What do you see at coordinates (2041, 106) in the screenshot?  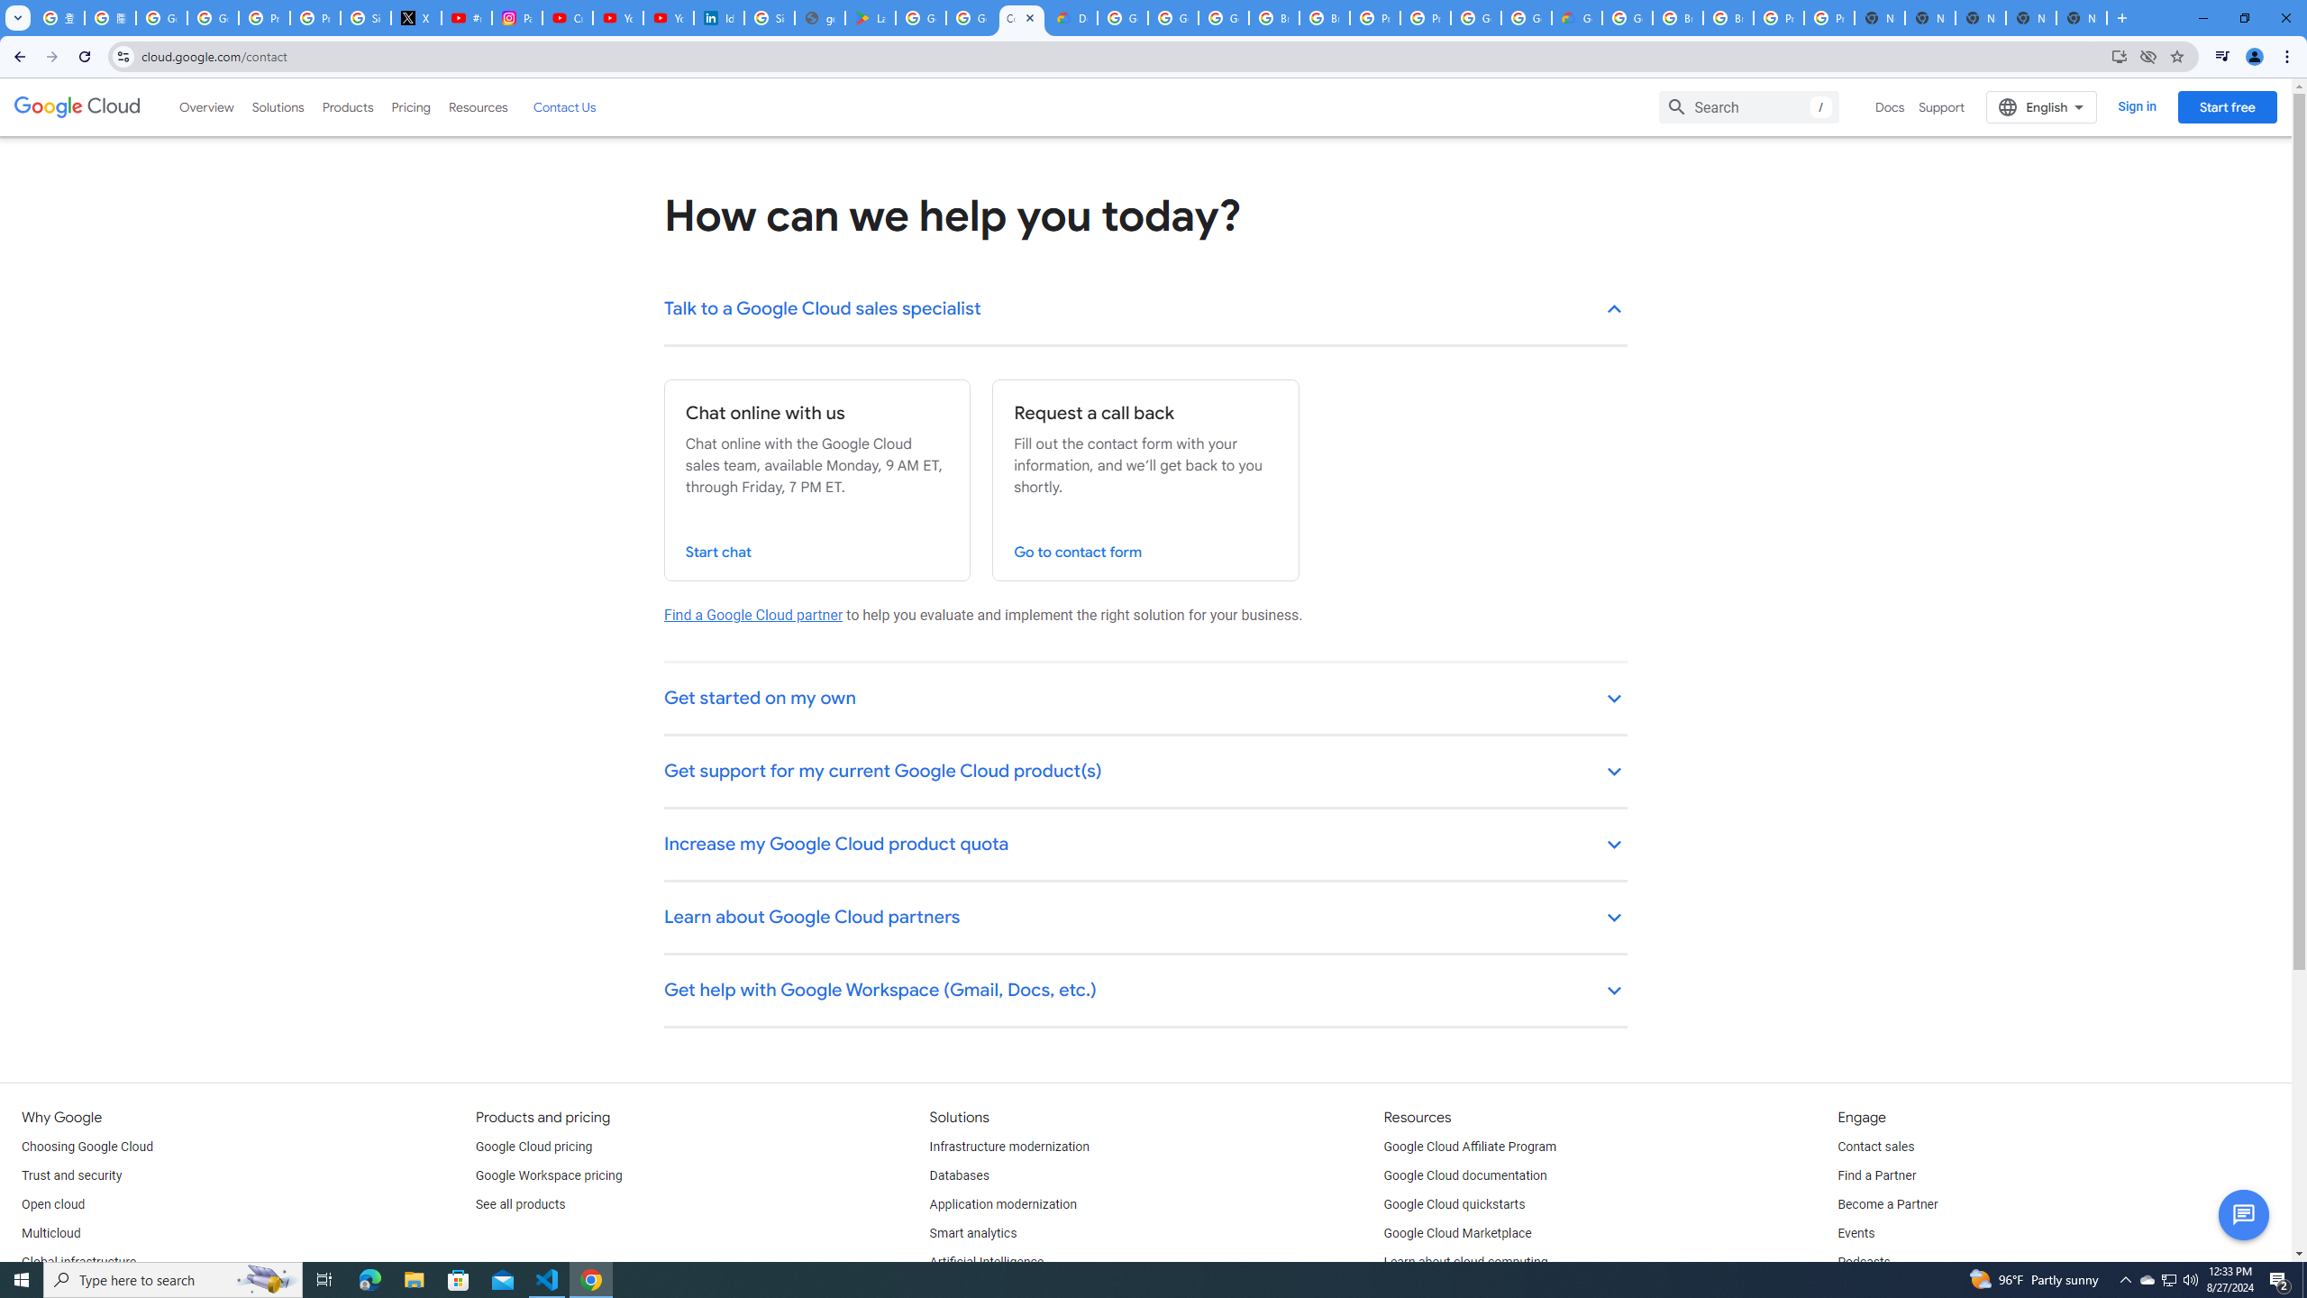 I see `'English'` at bounding box center [2041, 106].